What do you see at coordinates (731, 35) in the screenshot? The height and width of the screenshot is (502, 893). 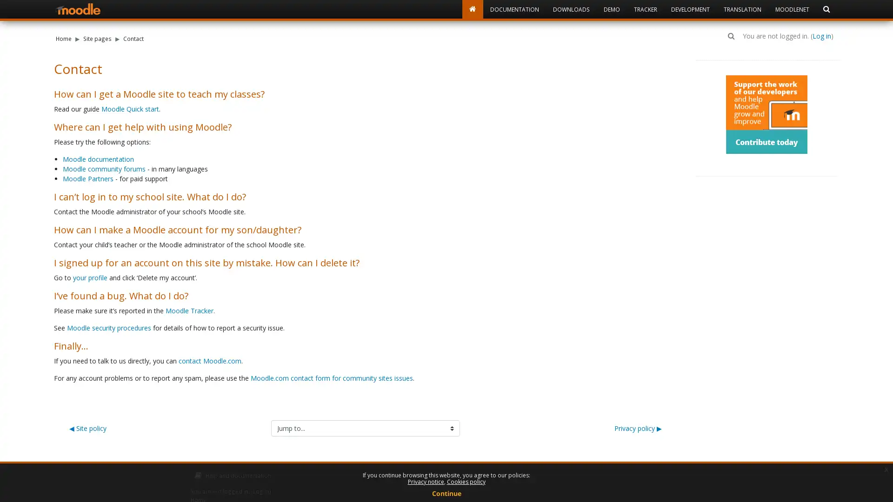 I see `Toggle search input` at bounding box center [731, 35].